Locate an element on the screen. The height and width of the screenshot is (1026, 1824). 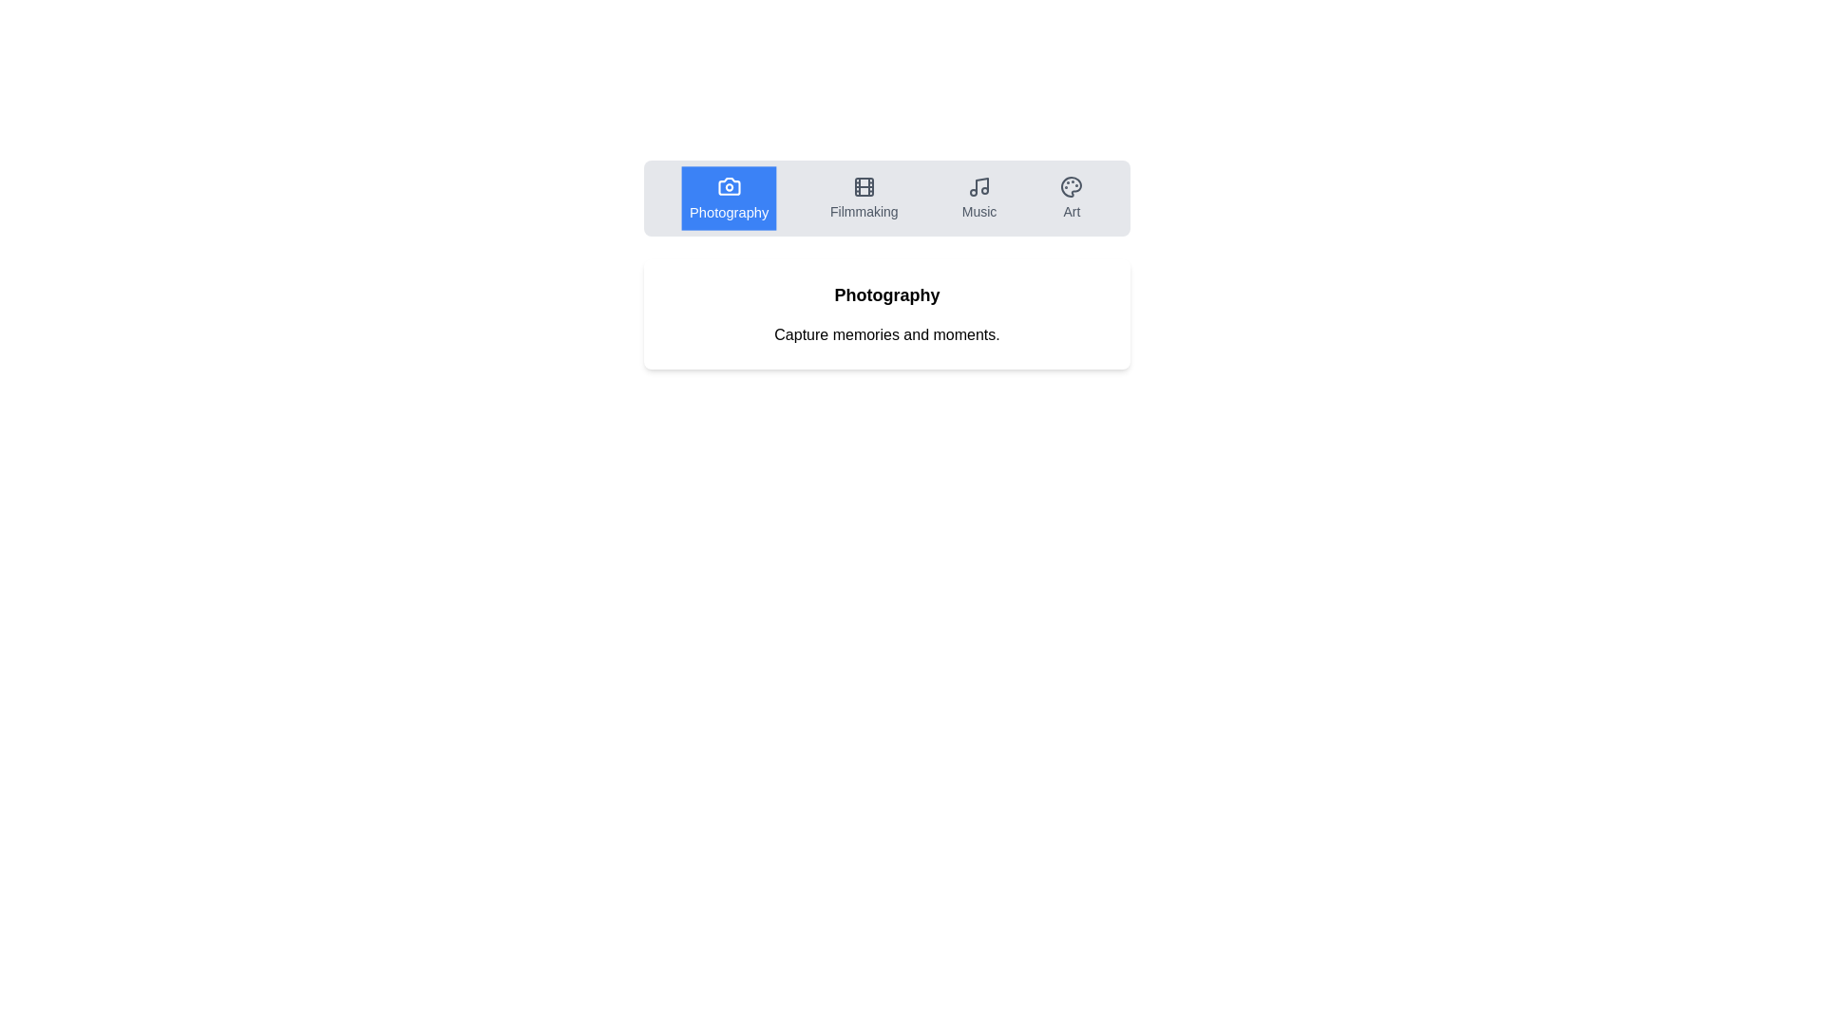
the Music tab by clicking on it is located at coordinates (979, 198).